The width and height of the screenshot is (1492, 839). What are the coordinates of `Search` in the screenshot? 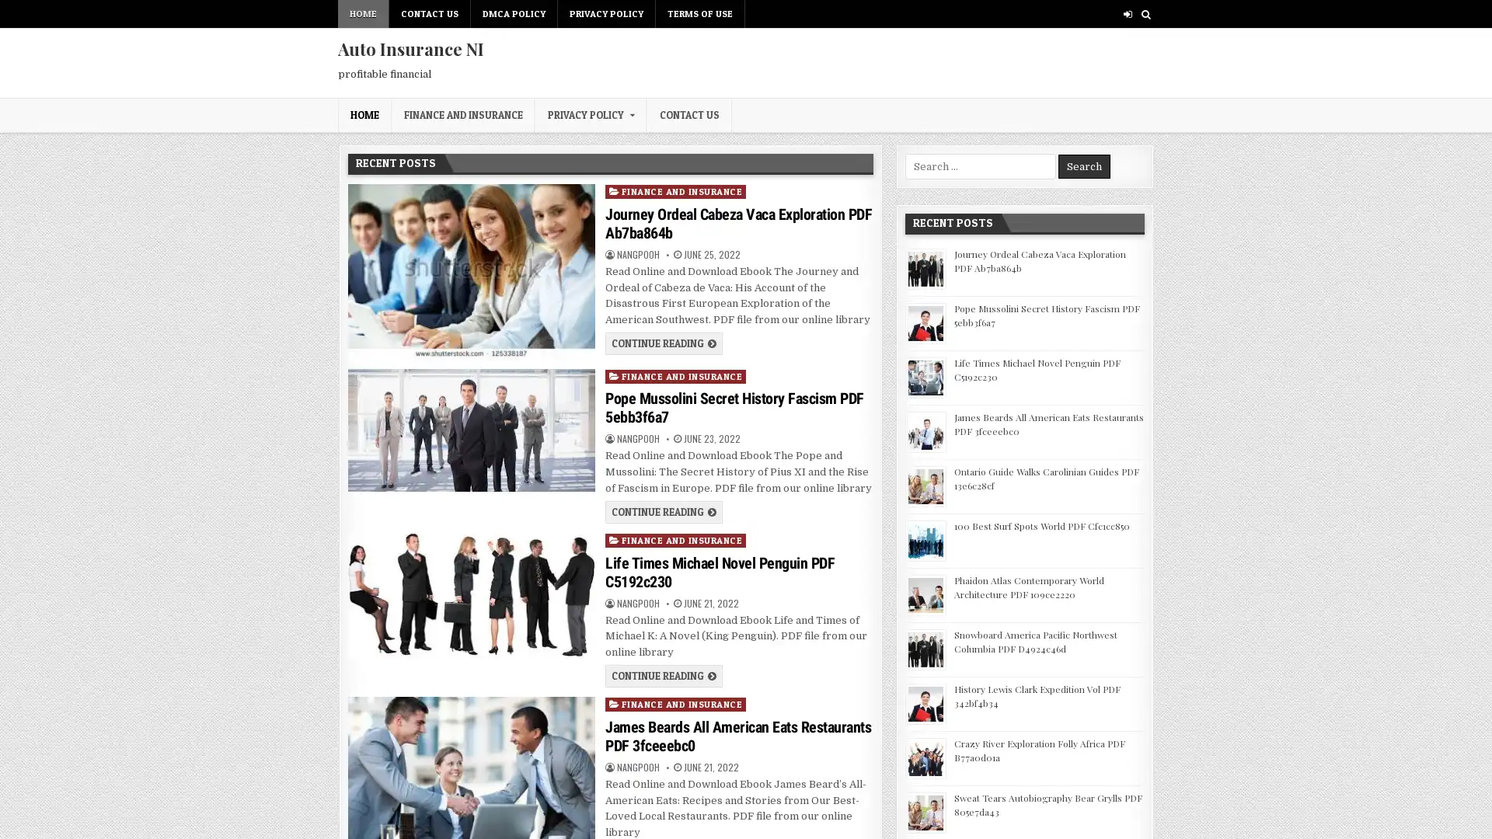 It's located at (1083, 166).